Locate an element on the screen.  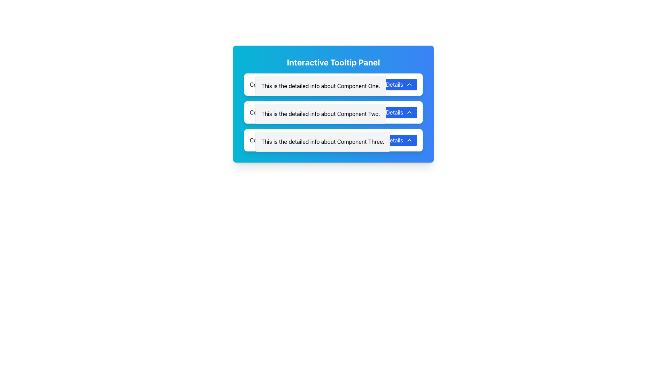
the Text Description Box that displays additional information about 'Component One' is located at coordinates (320, 85).